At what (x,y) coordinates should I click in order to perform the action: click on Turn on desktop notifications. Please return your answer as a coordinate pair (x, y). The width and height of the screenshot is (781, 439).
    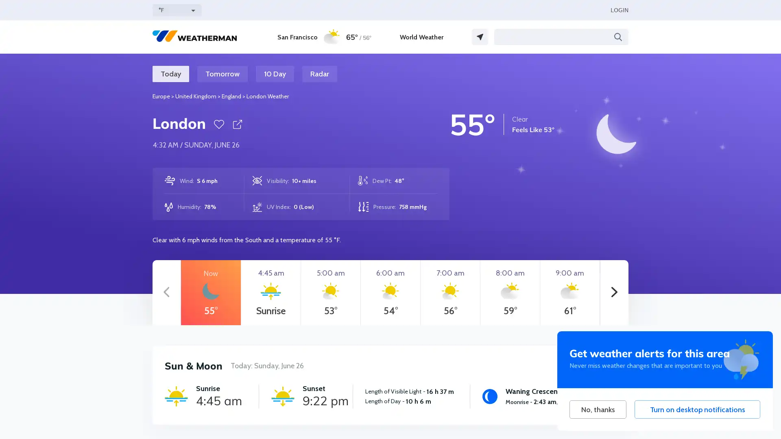
    Looking at the image, I should click on (697, 409).